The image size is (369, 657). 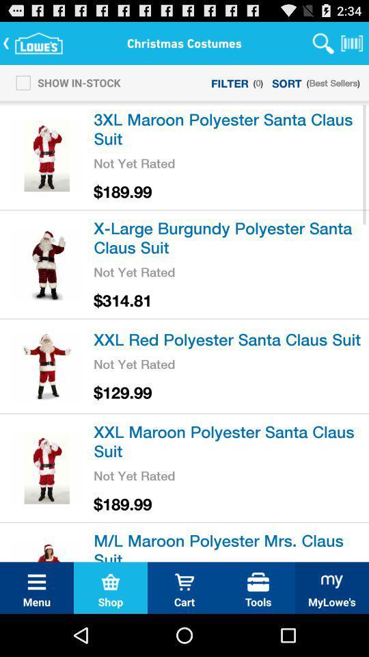 I want to click on the icon next to the (0) item, so click(x=286, y=82).